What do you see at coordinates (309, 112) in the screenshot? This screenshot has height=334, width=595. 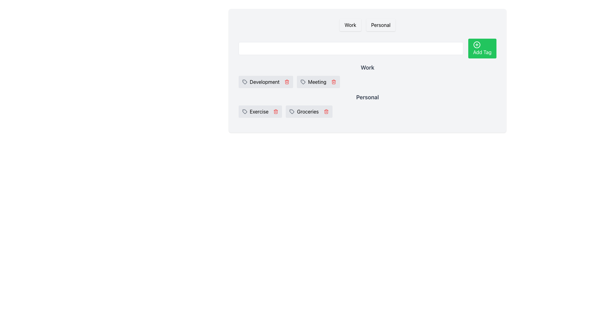 I see `the delete icon on the second tag in the 'Personal' section` at bounding box center [309, 112].